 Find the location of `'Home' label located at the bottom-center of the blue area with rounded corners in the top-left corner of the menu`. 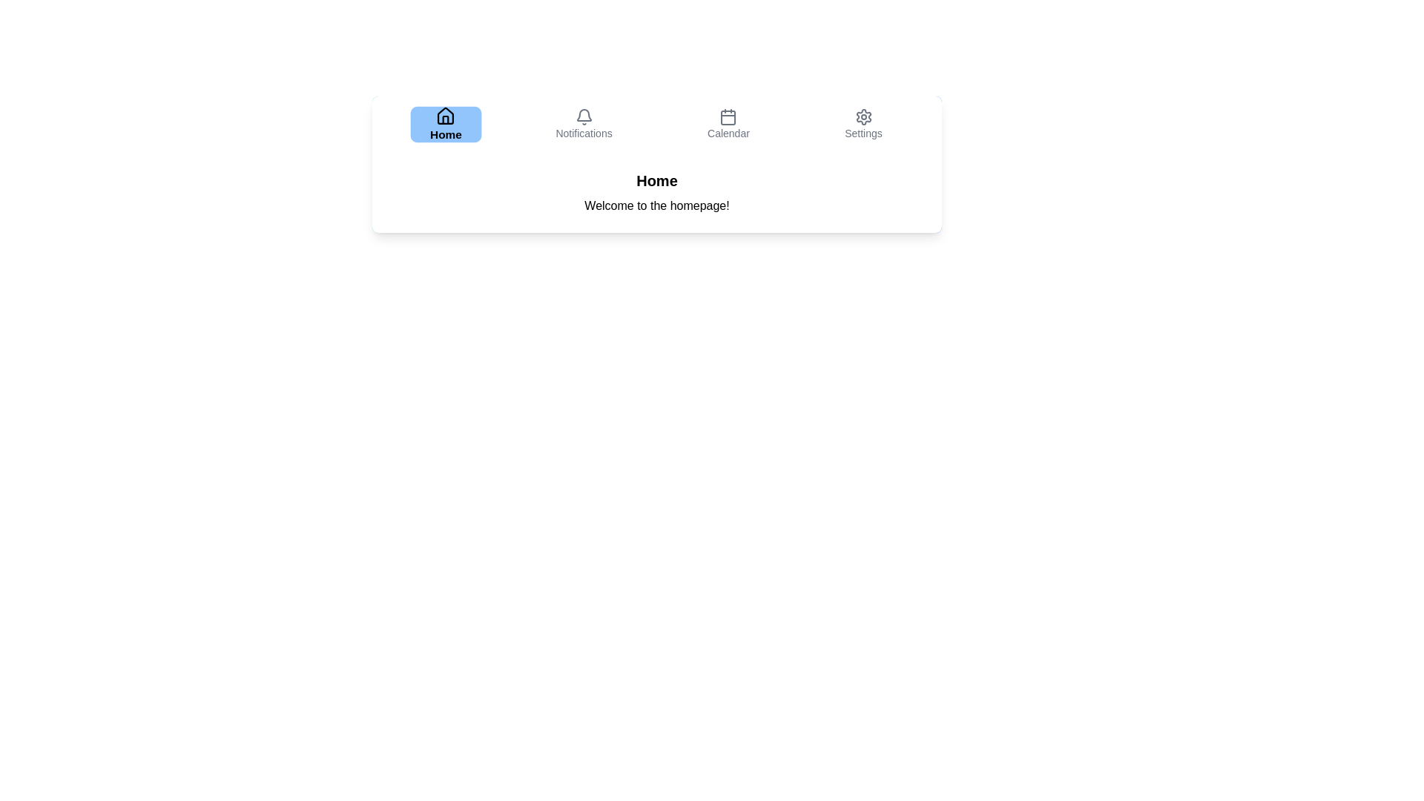

'Home' label located at the bottom-center of the blue area with rounded corners in the top-left corner of the menu is located at coordinates (445, 134).